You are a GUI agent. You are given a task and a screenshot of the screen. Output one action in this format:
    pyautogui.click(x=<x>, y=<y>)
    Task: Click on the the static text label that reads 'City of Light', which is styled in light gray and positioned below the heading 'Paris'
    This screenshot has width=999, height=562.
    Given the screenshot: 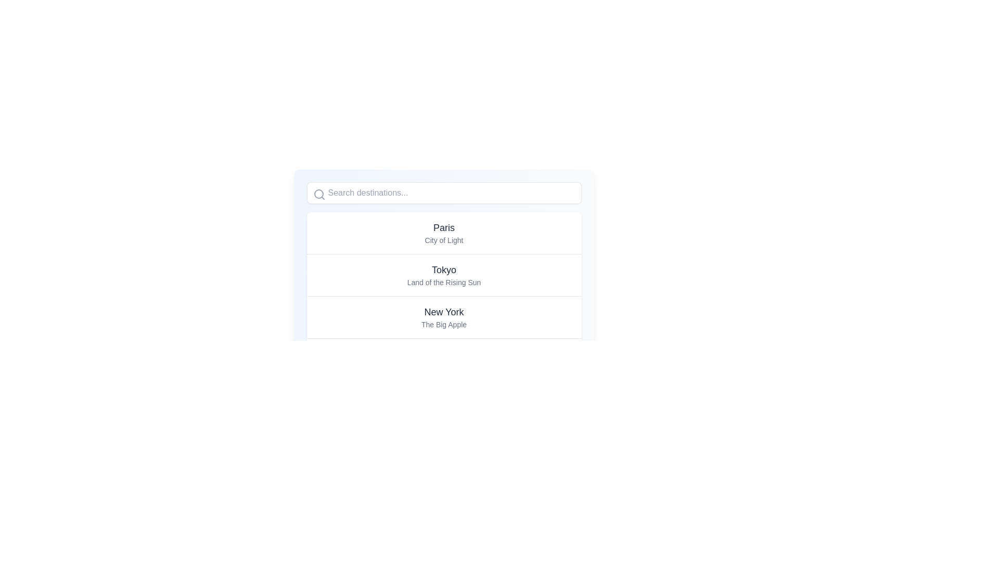 What is the action you would take?
    pyautogui.click(x=444, y=240)
    